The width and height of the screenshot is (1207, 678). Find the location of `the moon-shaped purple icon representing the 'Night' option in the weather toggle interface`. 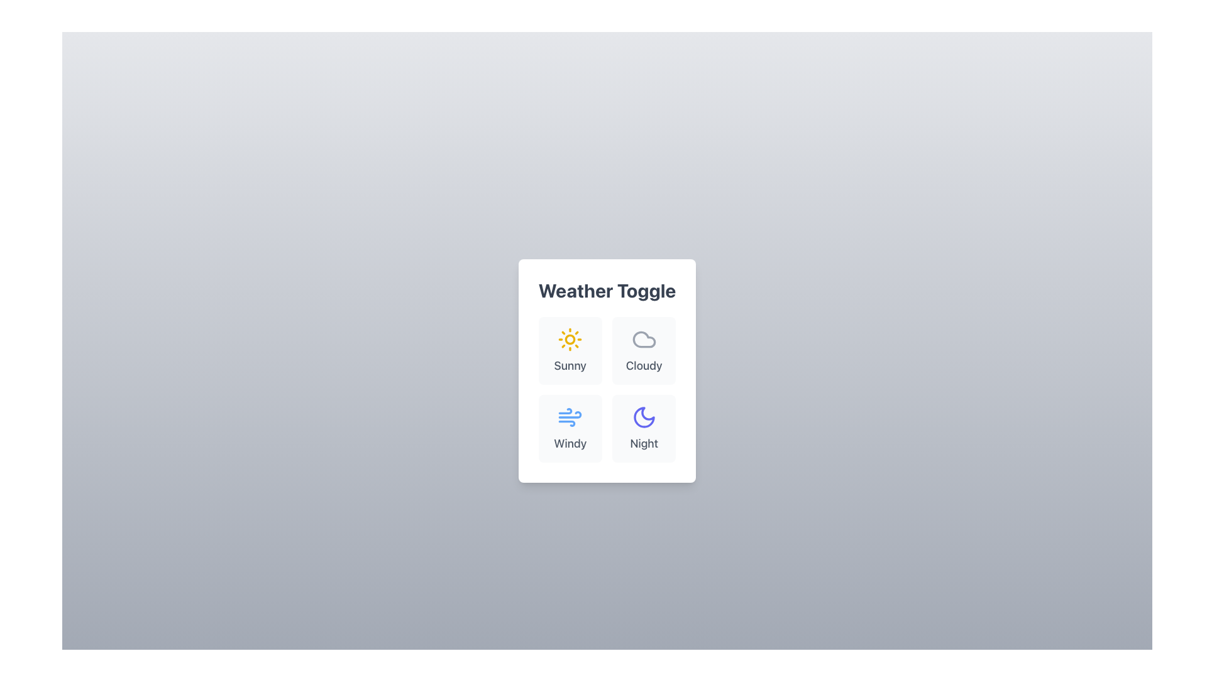

the moon-shaped purple icon representing the 'Night' option in the weather toggle interface is located at coordinates (644, 417).